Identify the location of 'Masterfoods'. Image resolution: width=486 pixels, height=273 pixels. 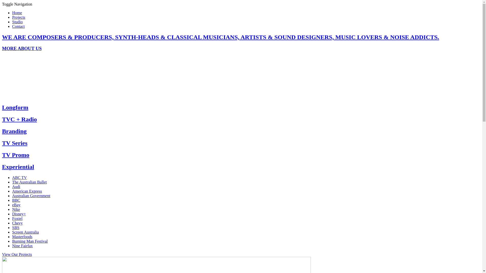
(22, 237).